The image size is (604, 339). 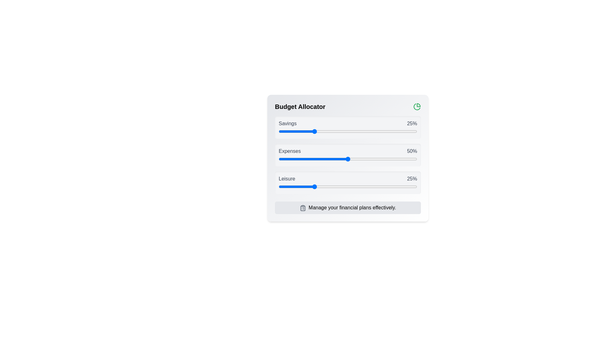 What do you see at coordinates (355, 131) in the screenshot?
I see `the slider for the category to set its percentage to 55` at bounding box center [355, 131].